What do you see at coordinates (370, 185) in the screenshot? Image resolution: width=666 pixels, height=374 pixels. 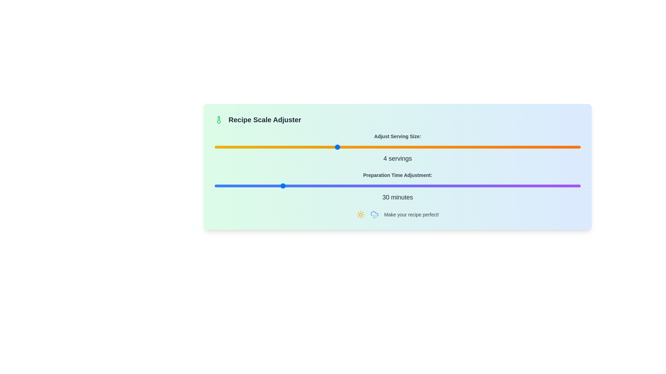 I see `preparation time adjustment` at bounding box center [370, 185].